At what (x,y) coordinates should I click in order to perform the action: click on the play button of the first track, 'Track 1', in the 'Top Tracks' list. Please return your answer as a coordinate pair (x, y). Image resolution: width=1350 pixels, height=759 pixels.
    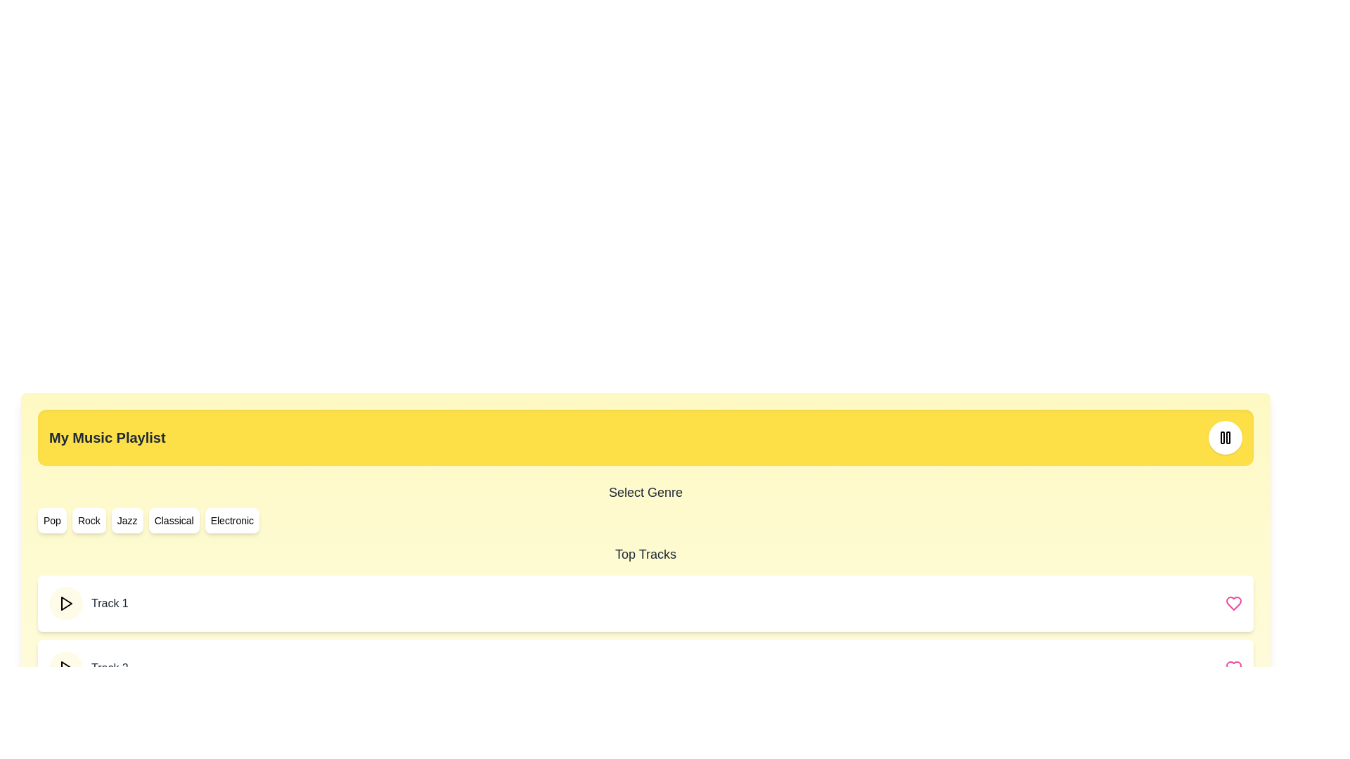
    Looking at the image, I should click on (645, 603).